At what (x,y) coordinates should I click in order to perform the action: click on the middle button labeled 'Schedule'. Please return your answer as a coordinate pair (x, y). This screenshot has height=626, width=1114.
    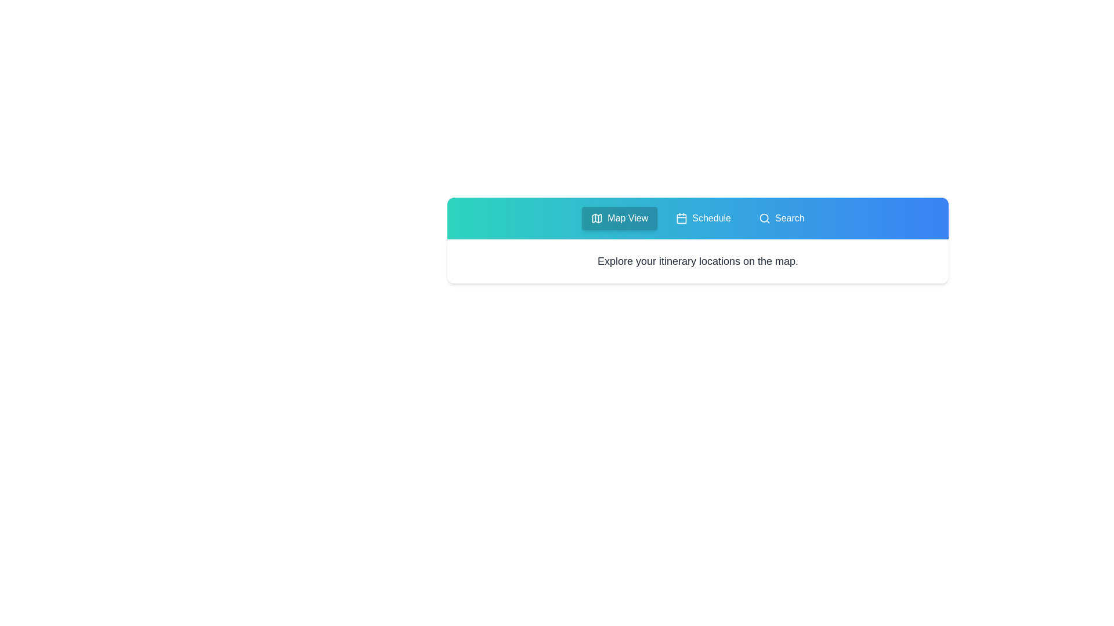
    Looking at the image, I should click on (703, 219).